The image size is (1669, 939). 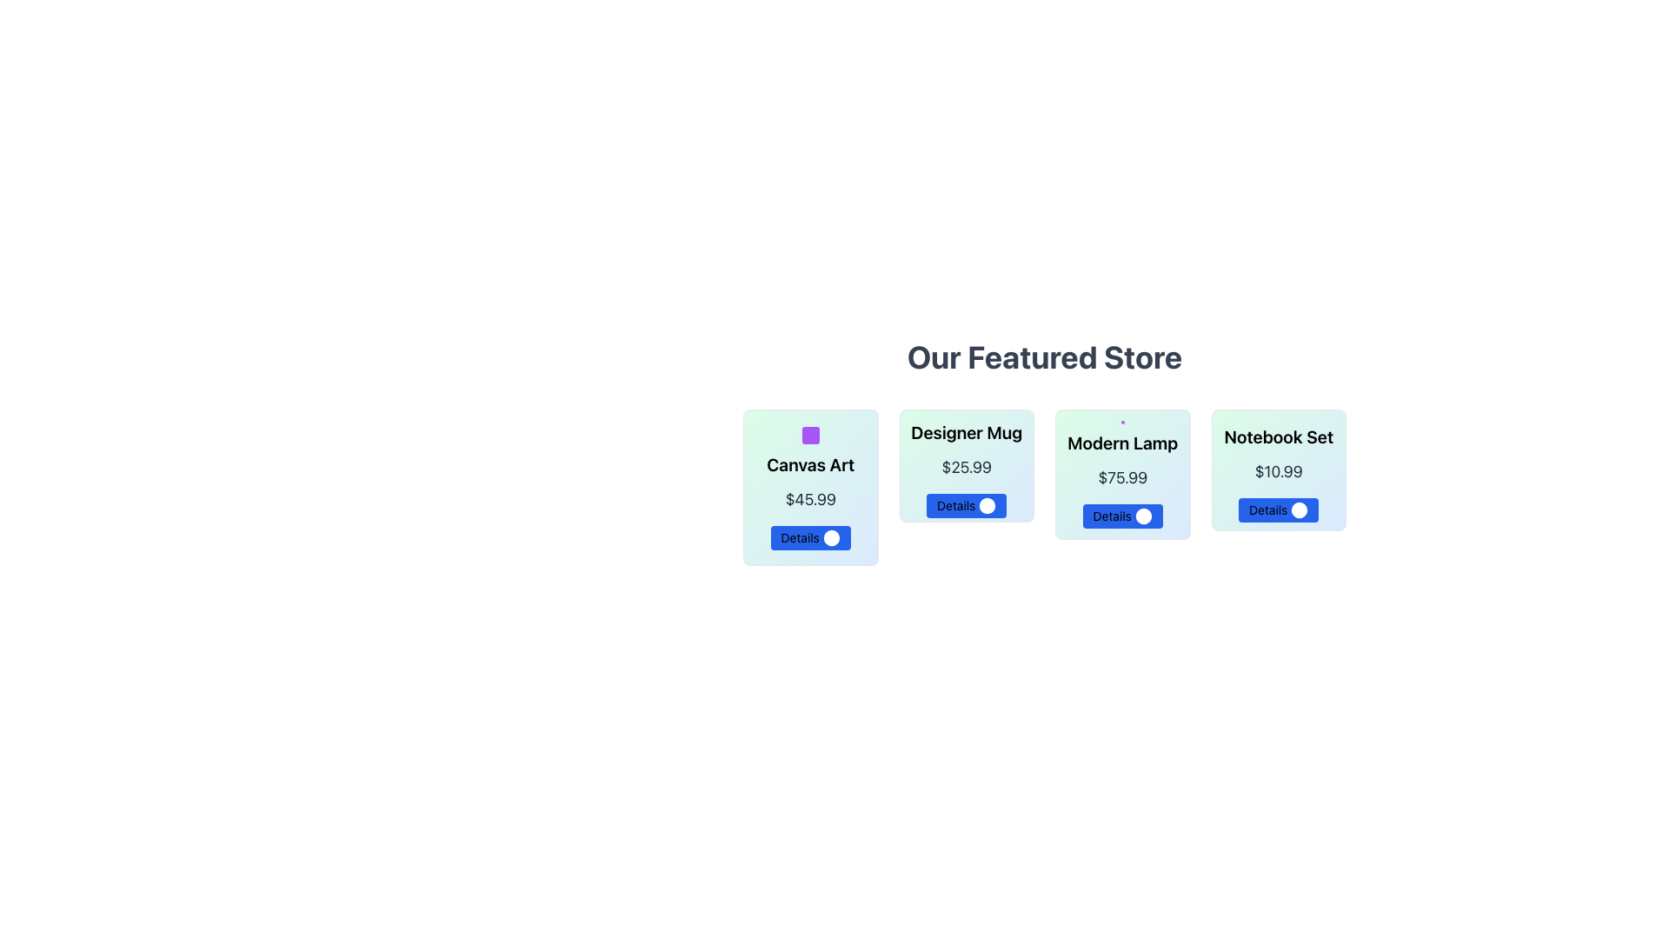 I want to click on the static text element displaying the price '$25.99', which is styled in dark gray and positioned below the product title 'Designer Mug' within the product card, so click(x=966, y=466).